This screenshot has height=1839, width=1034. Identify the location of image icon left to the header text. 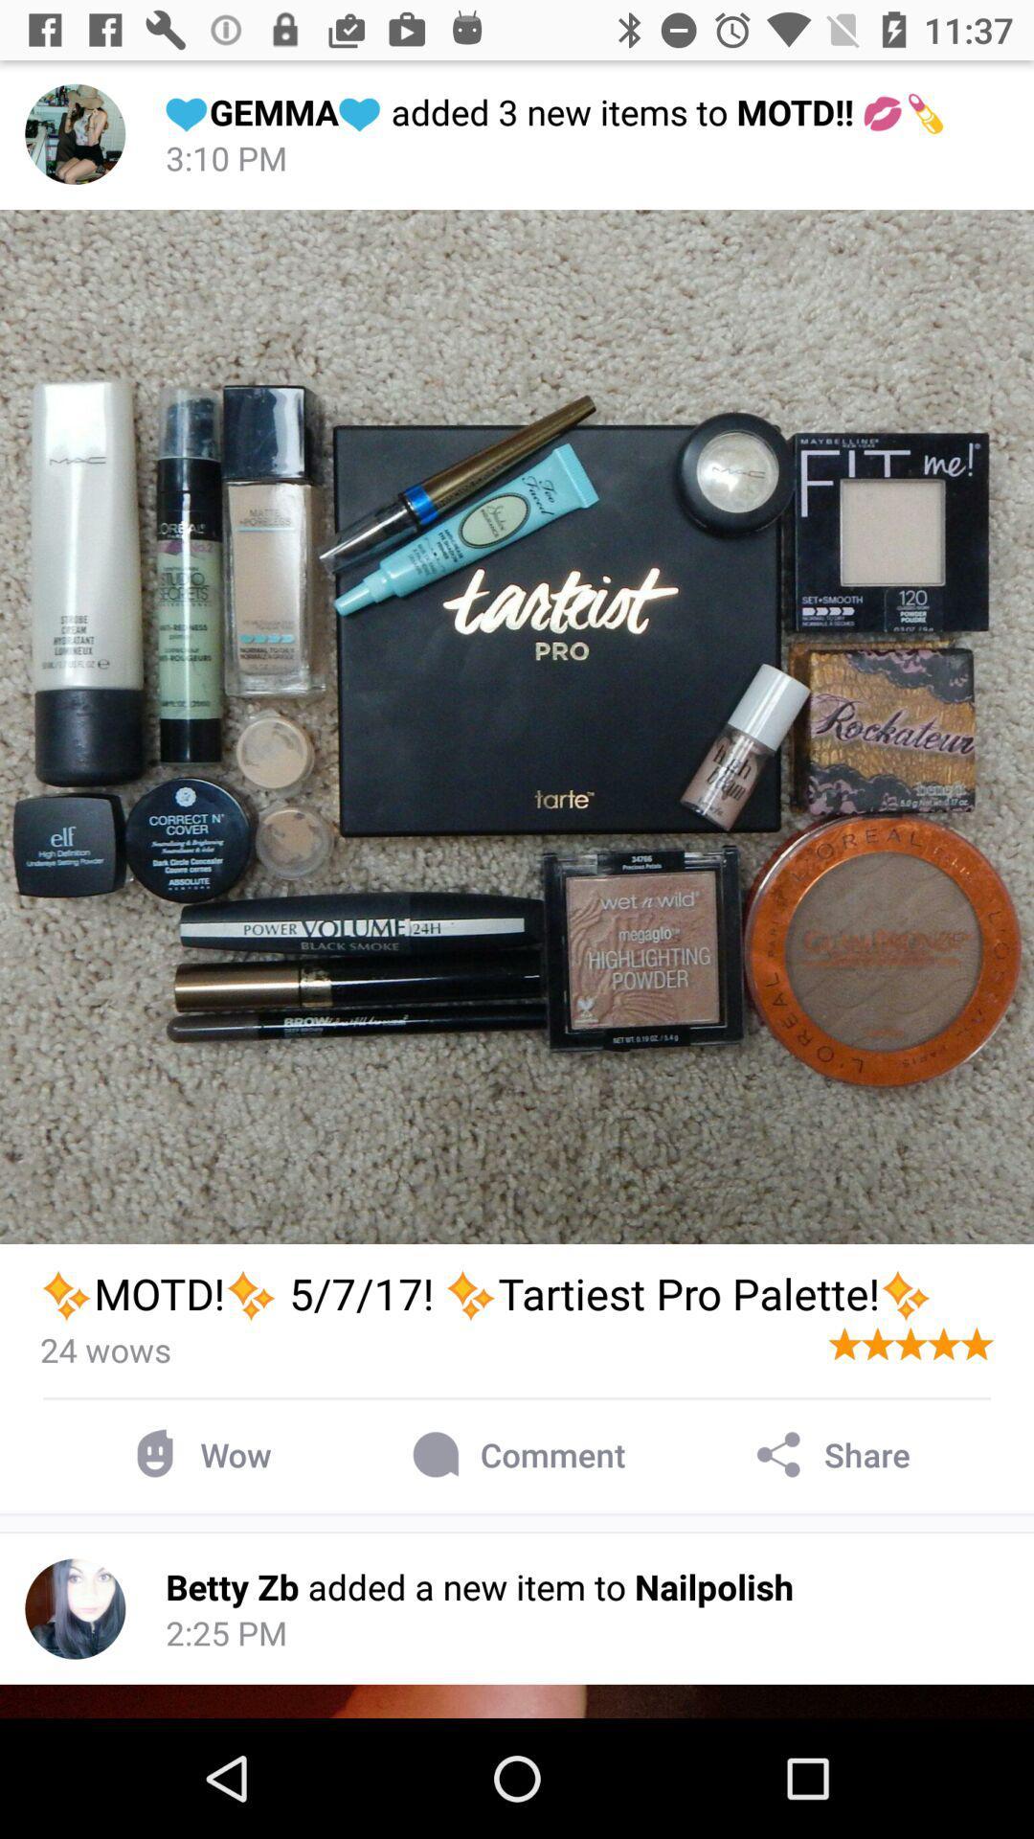
(74, 133).